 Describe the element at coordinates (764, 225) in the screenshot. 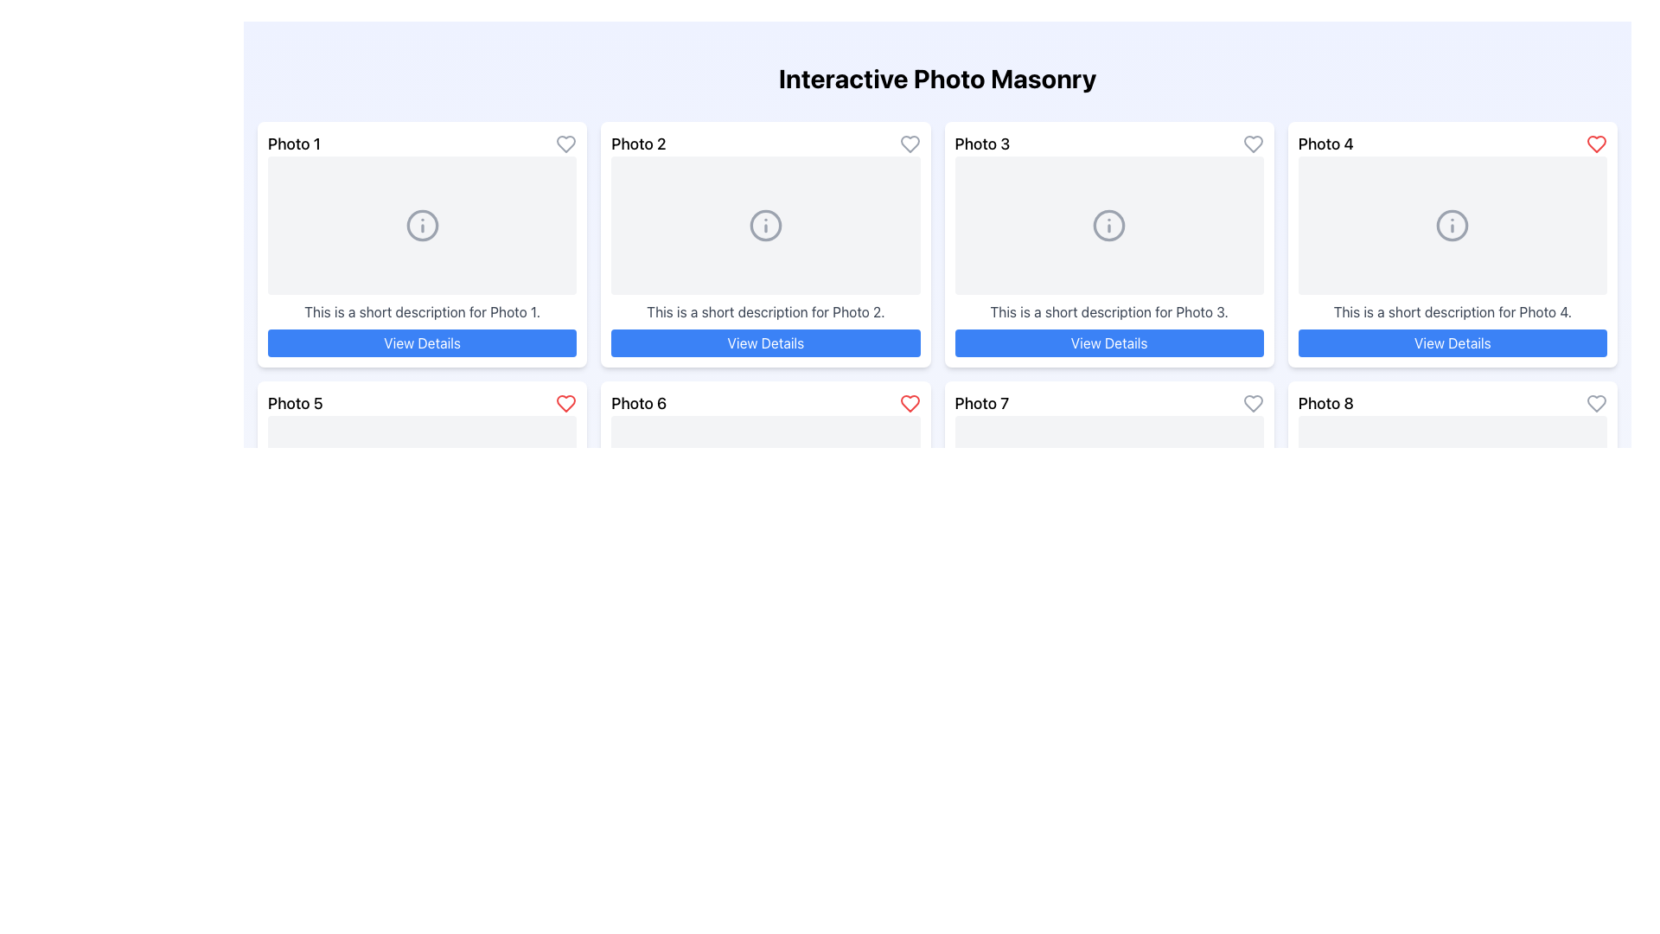

I see `the circular information icon with a gray border and white center, containing the letter 'i', located in the card for 'Photo 2'` at that location.